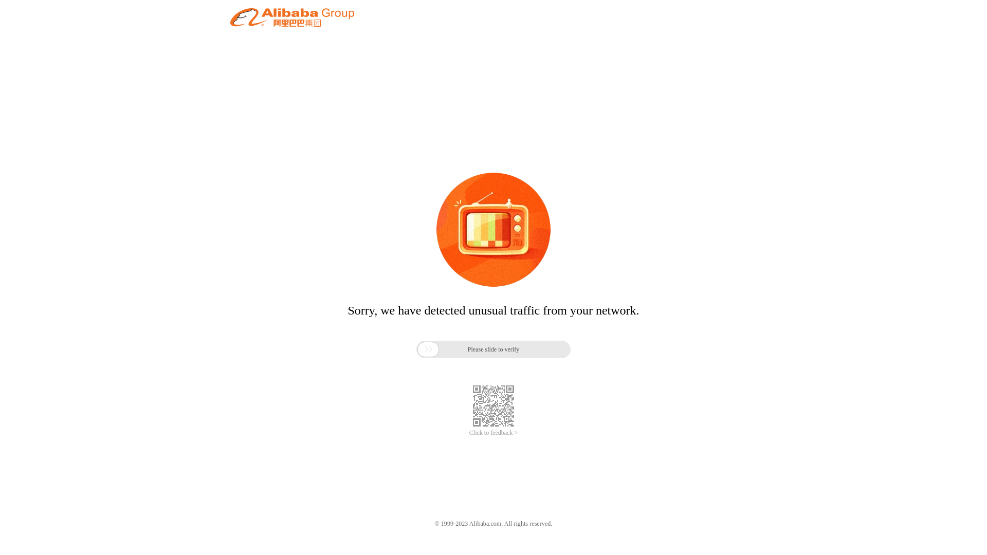 This screenshot has width=987, height=555. Describe the element at coordinates (493, 433) in the screenshot. I see `'Click to feedback >'` at that location.